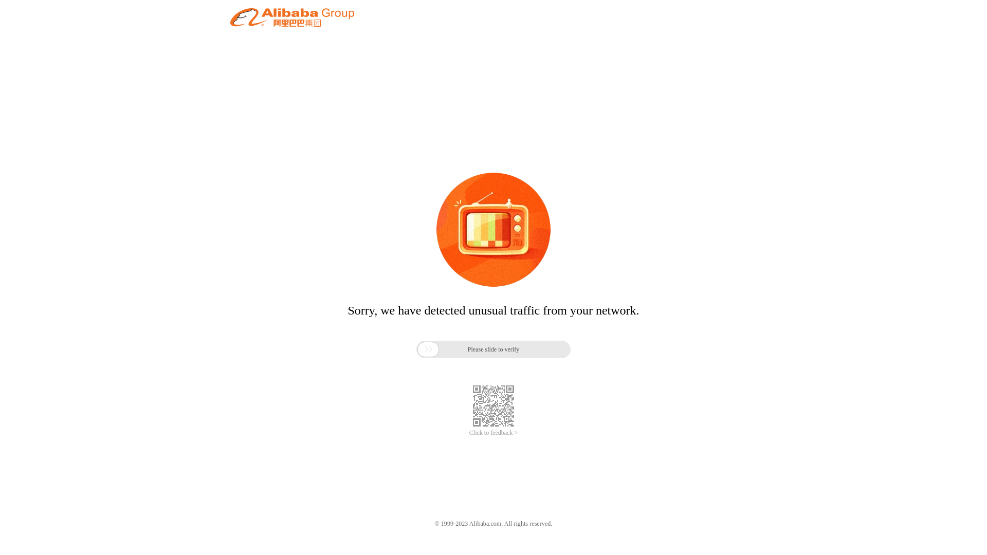 This screenshot has width=987, height=555. Describe the element at coordinates (493, 433) in the screenshot. I see `'Click to feedback >'` at that location.